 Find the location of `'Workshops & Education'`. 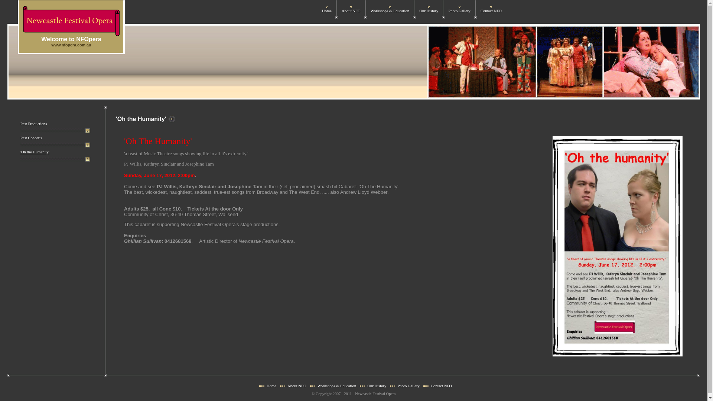

'Workshops & Education' is located at coordinates (336, 385).